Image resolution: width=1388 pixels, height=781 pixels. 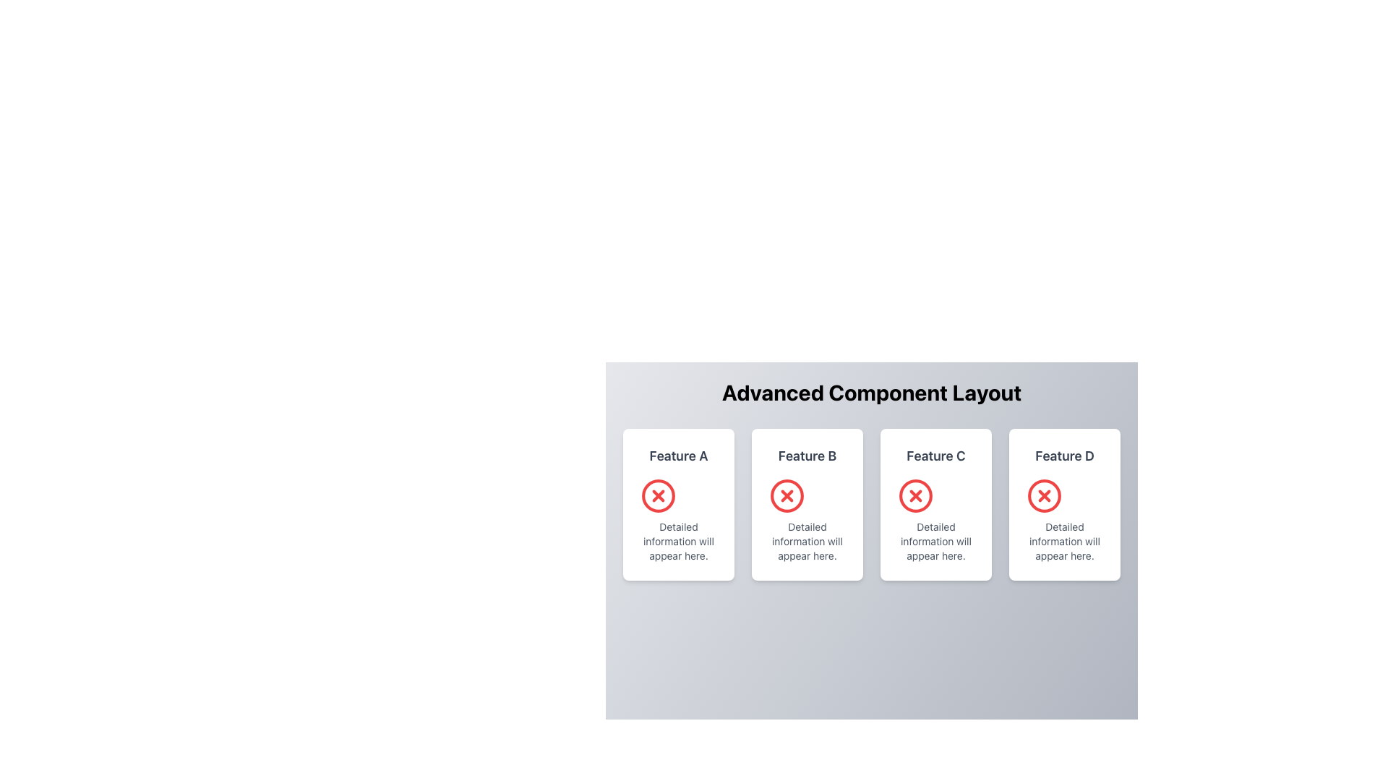 I want to click on the Text Label that serves as the title for the associated card content, positioned as the second card from the left, so click(x=807, y=454).